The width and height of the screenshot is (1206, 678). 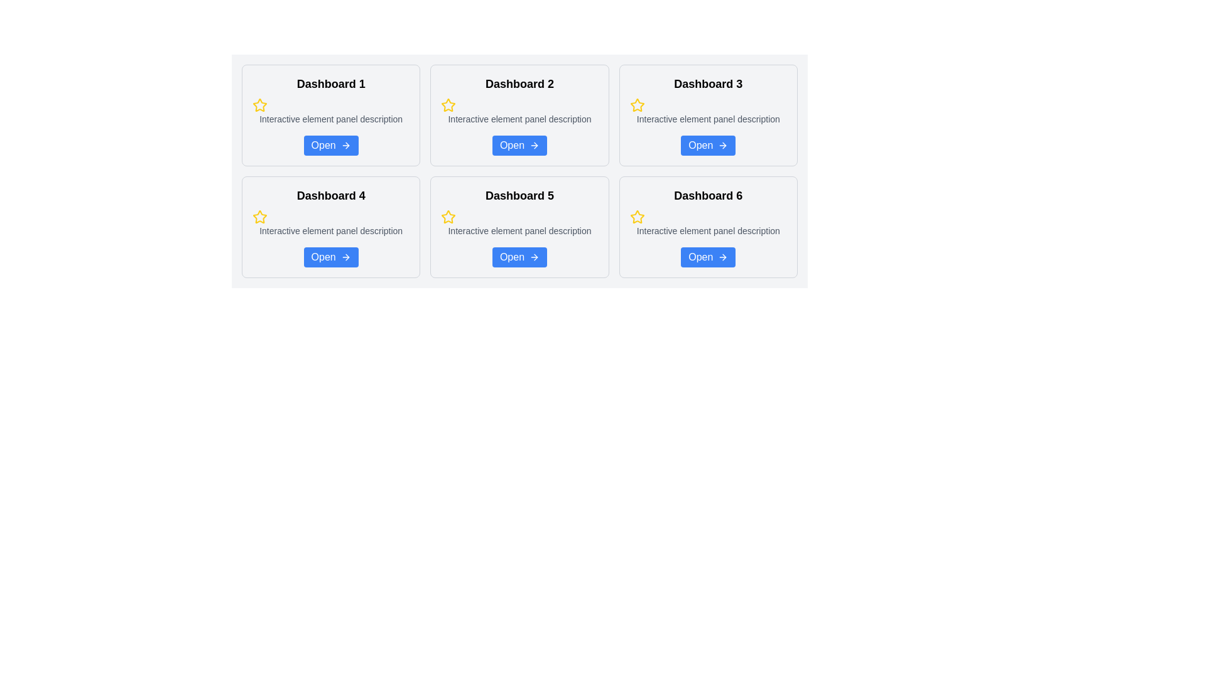 I want to click on the star-shaped icon with a yellow outline located in the 'Dashboard 1' card in the first column of the first row, so click(x=259, y=105).